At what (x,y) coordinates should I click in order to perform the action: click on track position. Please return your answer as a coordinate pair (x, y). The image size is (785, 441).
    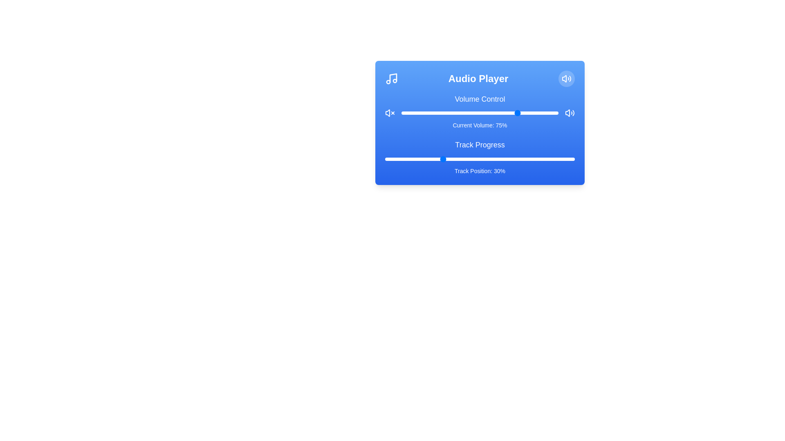
    Looking at the image, I should click on (432, 159).